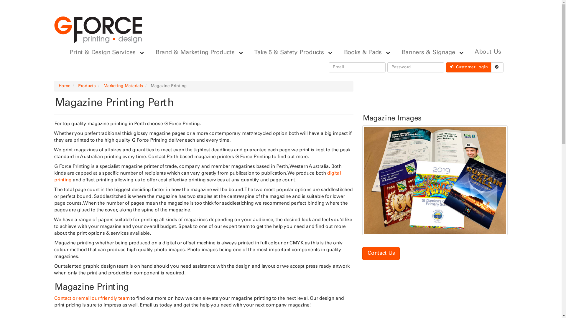 The width and height of the screenshot is (566, 318). Describe the element at coordinates (64, 86) in the screenshot. I see `'Home'` at that location.